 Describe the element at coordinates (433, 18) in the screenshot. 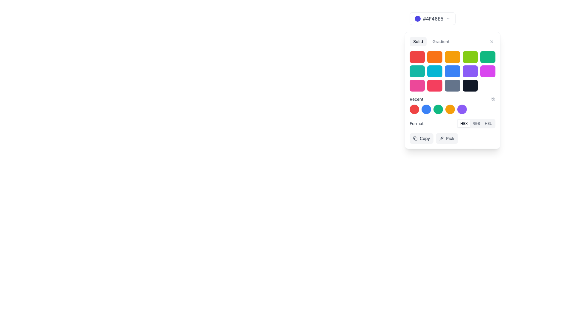

I see `the color code text display '#4F46E5' located in the top-right region of the interface to copy the color code` at that location.